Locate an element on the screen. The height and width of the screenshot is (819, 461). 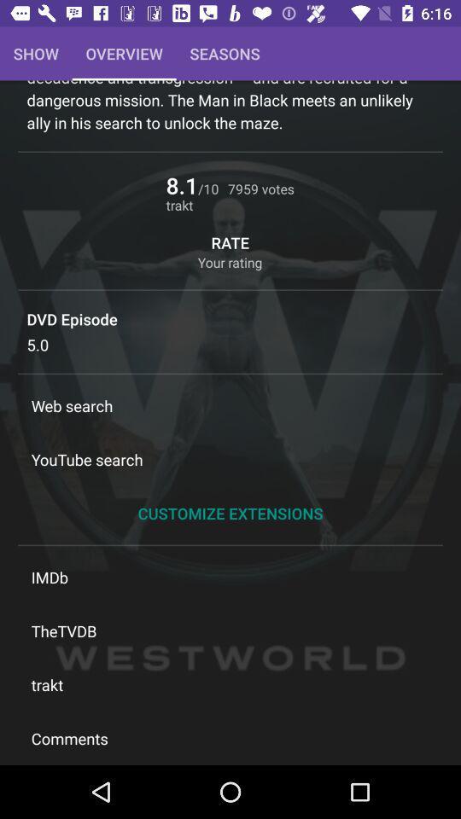
web search is located at coordinates (230, 405).